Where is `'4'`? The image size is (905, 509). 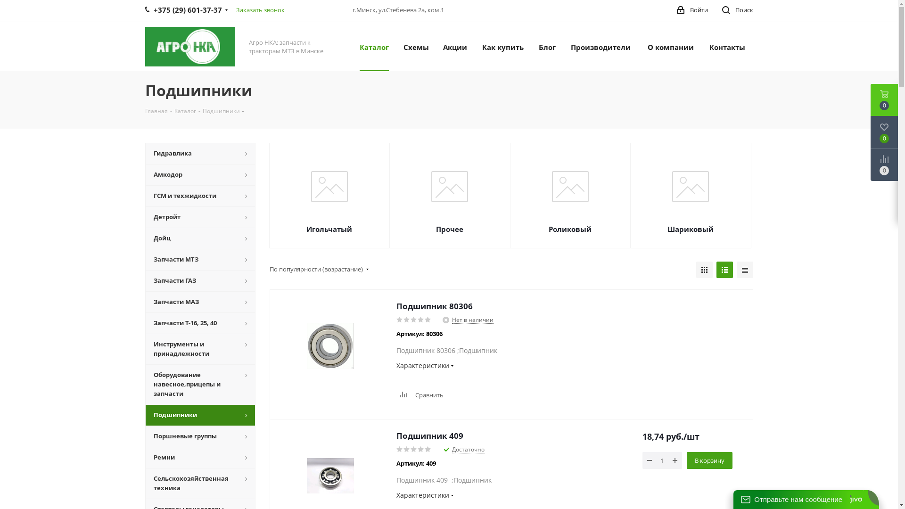 '4' is located at coordinates (417, 319).